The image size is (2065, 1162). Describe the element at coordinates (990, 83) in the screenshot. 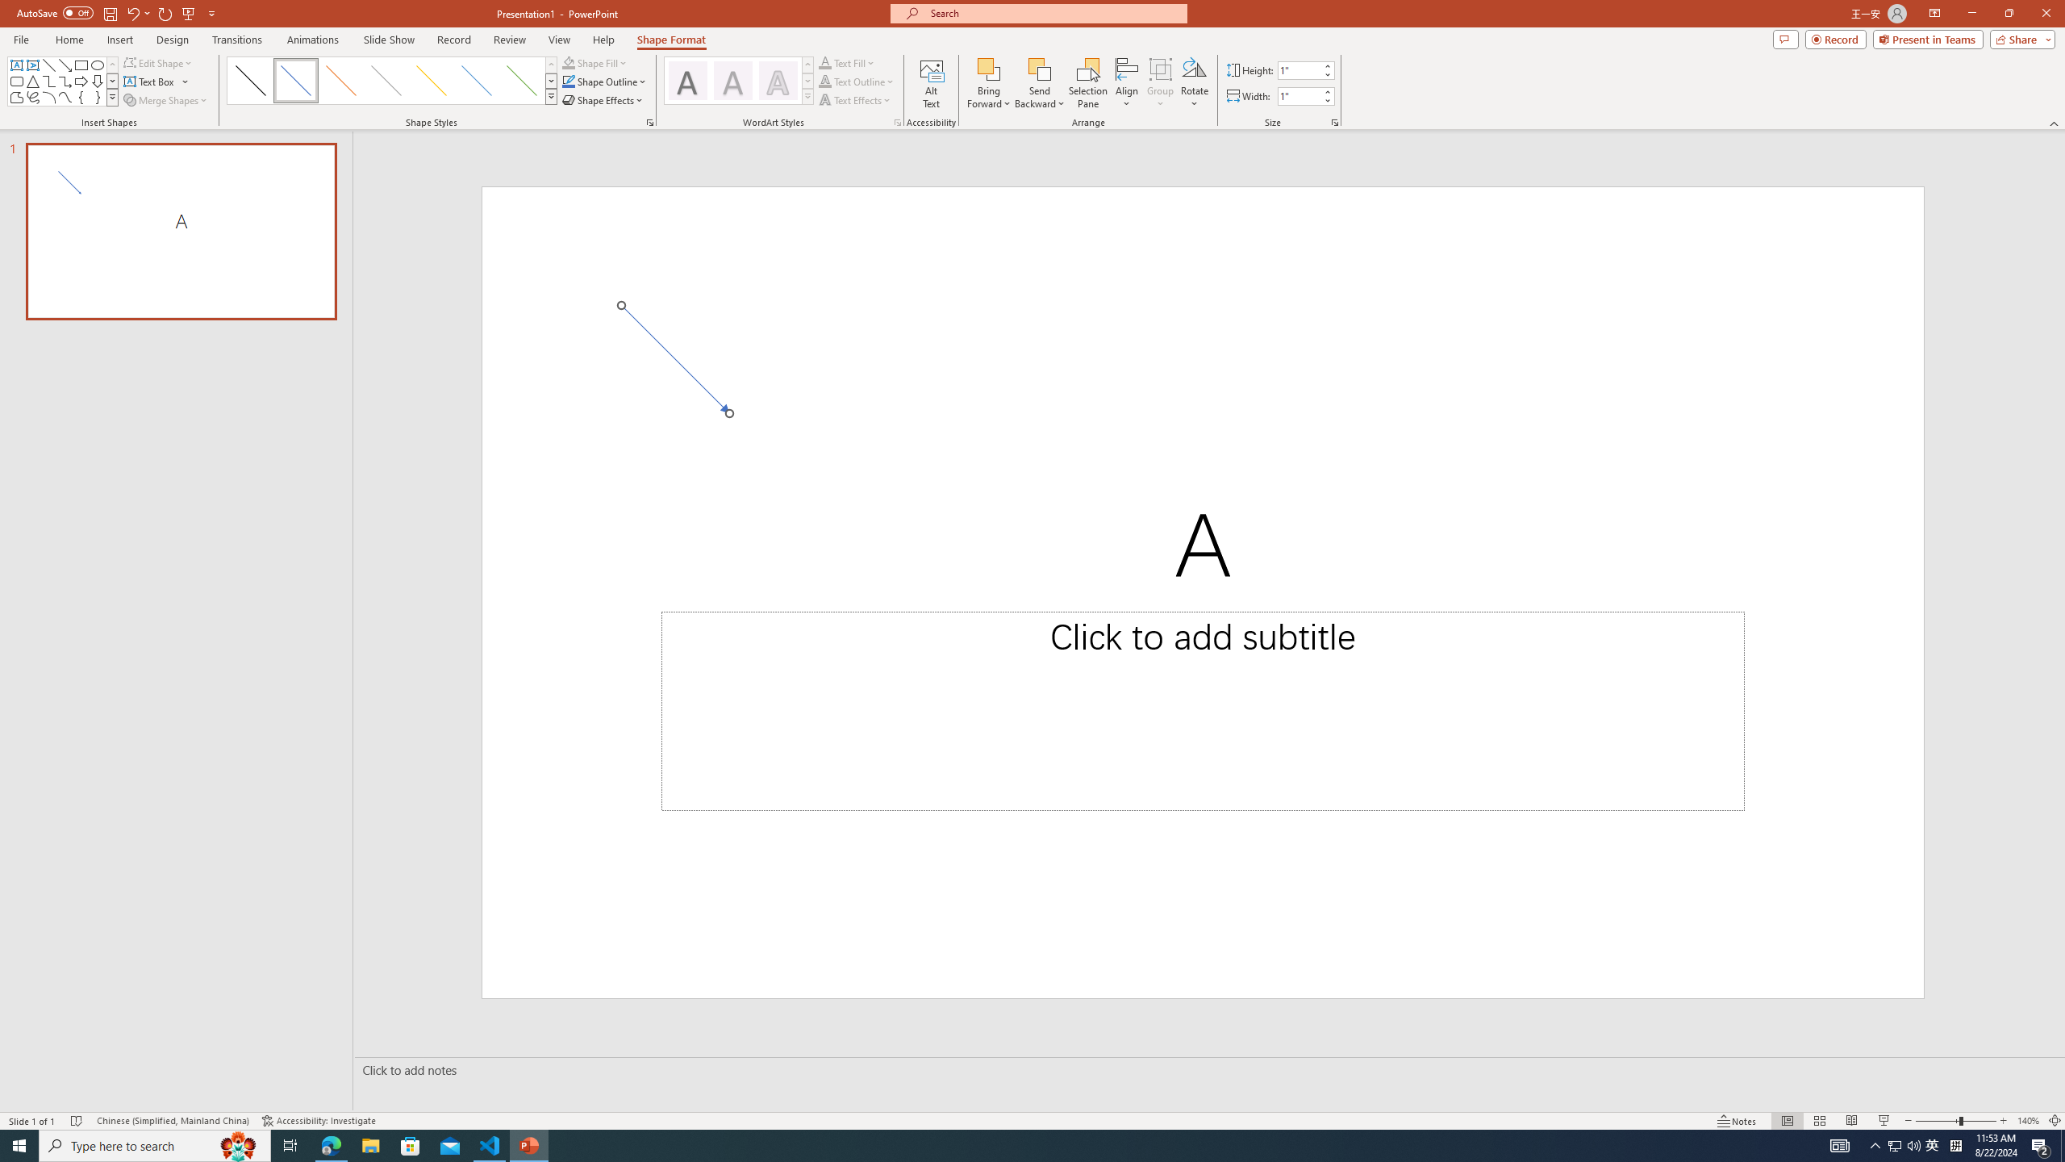

I see `'Bring Forward'` at that location.